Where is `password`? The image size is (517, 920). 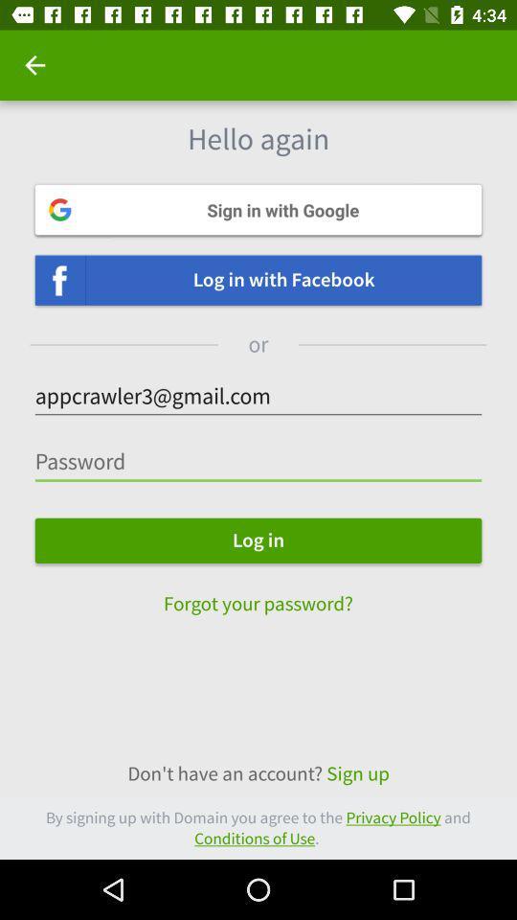
password is located at coordinates (258, 461).